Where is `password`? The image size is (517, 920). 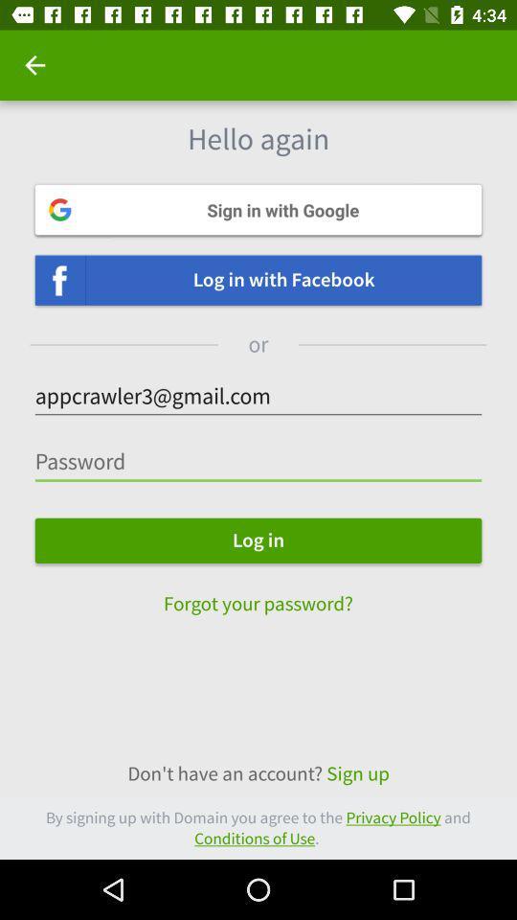
password is located at coordinates (258, 461).